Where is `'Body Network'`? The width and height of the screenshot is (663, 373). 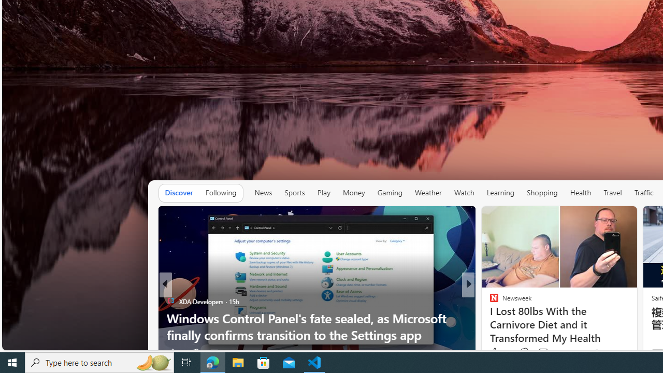
'Body Network' is located at coordinates (489, 301).